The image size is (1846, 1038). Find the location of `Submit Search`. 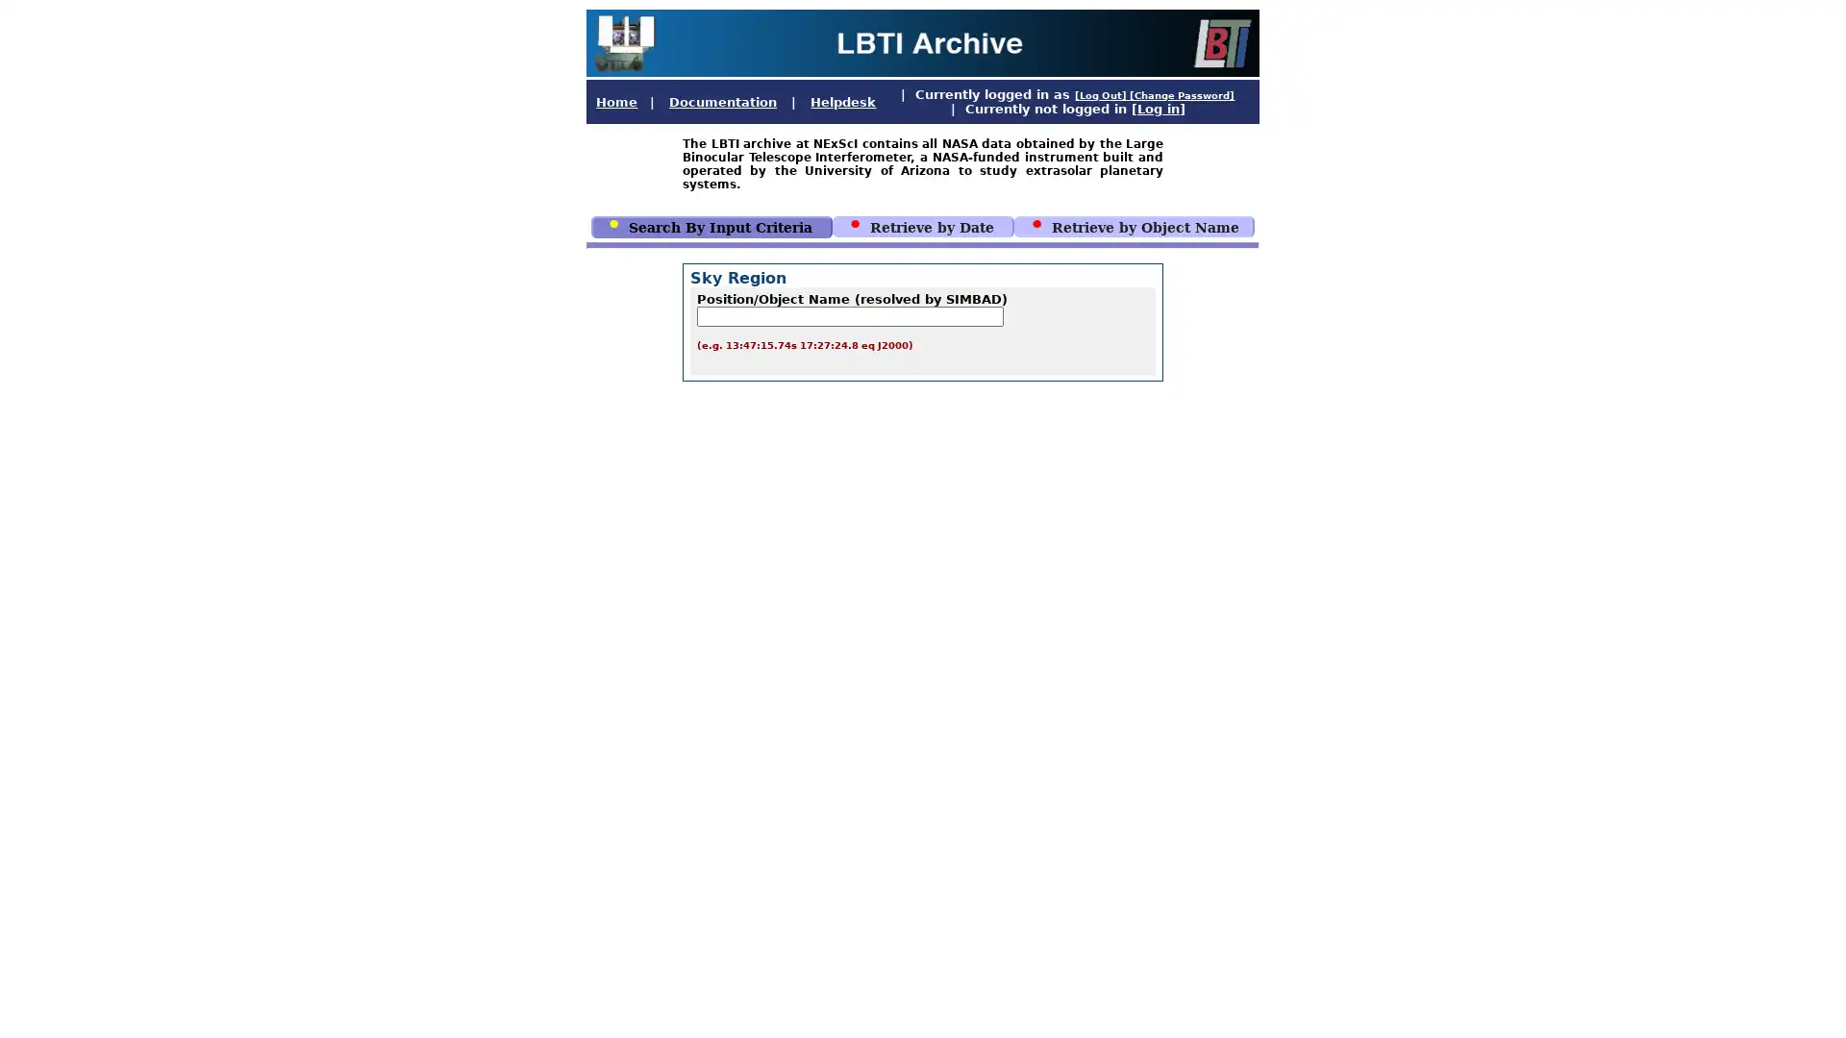

Submit Search is located at coordinates (881, 593).